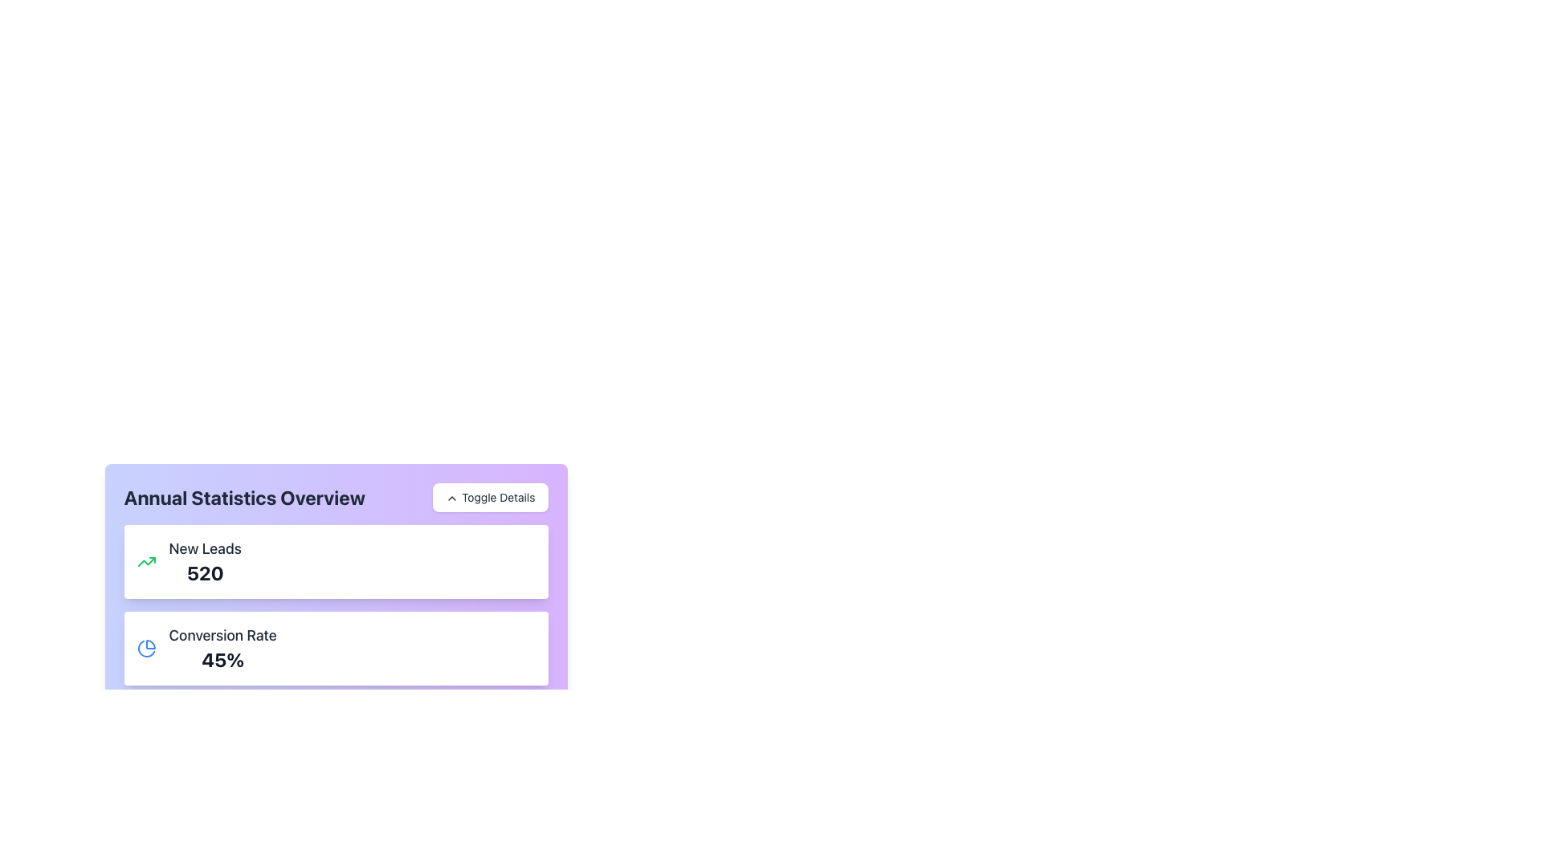  I want to click on the Text Display element showing '45%' that is below the 'Conversion Rate' label and to the right of a blue pie chart icon, so click(222, 647).